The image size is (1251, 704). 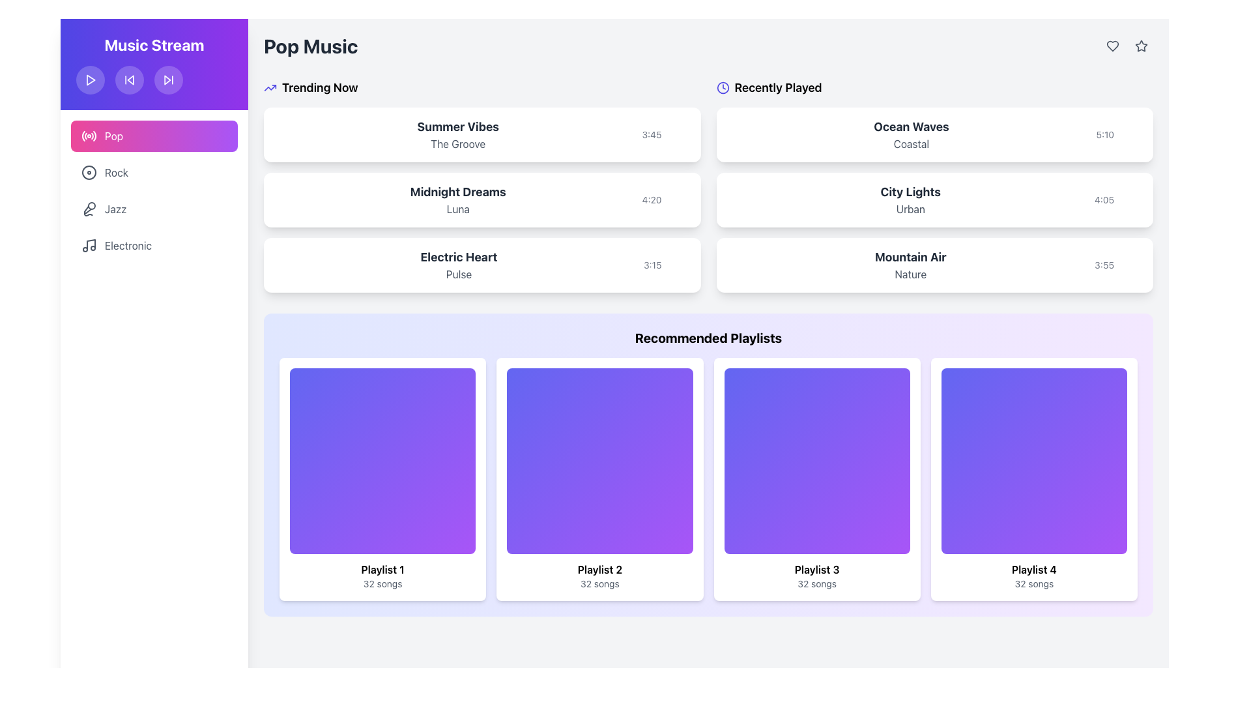 What do you see at coordinates (934, 186) in the screenshot?
I see `the second list item in the 'Recently Played' section that displays the track 'City Lights'` at bounding box center [934, 186].